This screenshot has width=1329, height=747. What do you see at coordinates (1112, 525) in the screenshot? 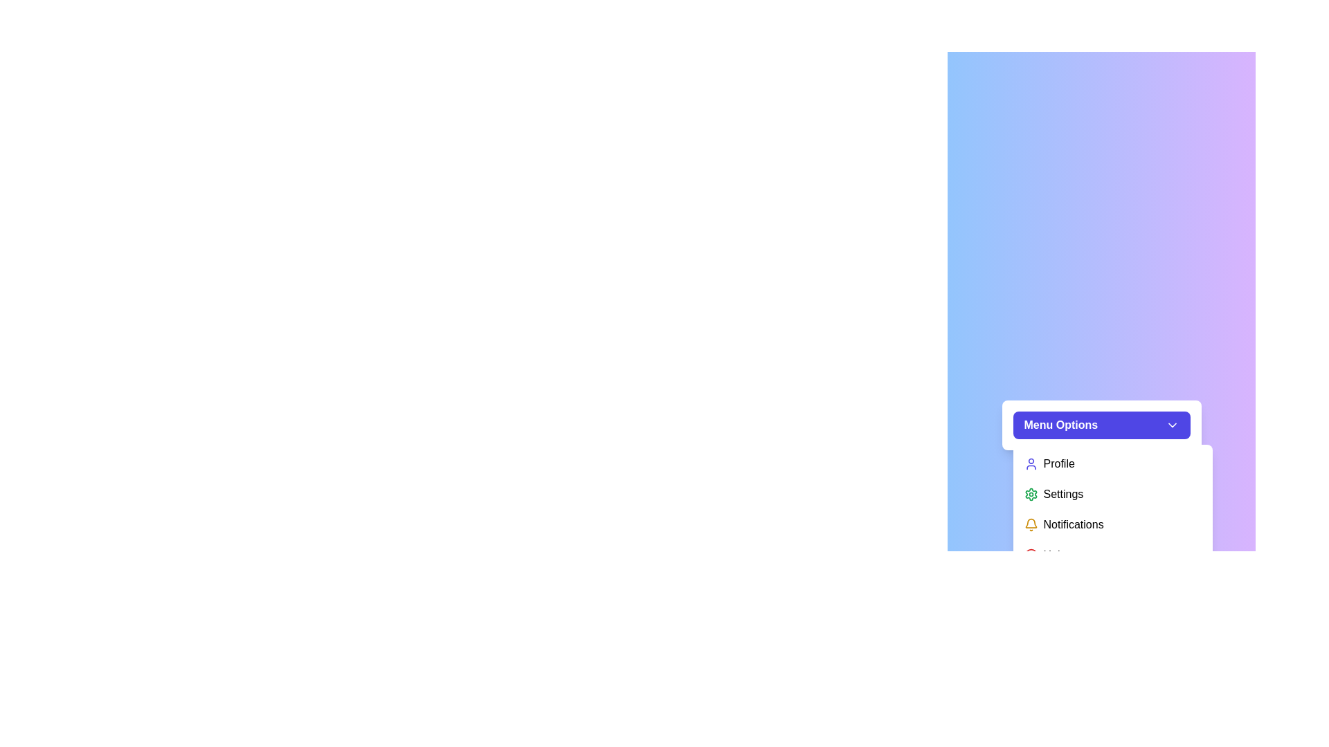
I see `the third item in the 'Menu Options' dropdown, which is for accessing notifications` at bounding box center [1112, 525].